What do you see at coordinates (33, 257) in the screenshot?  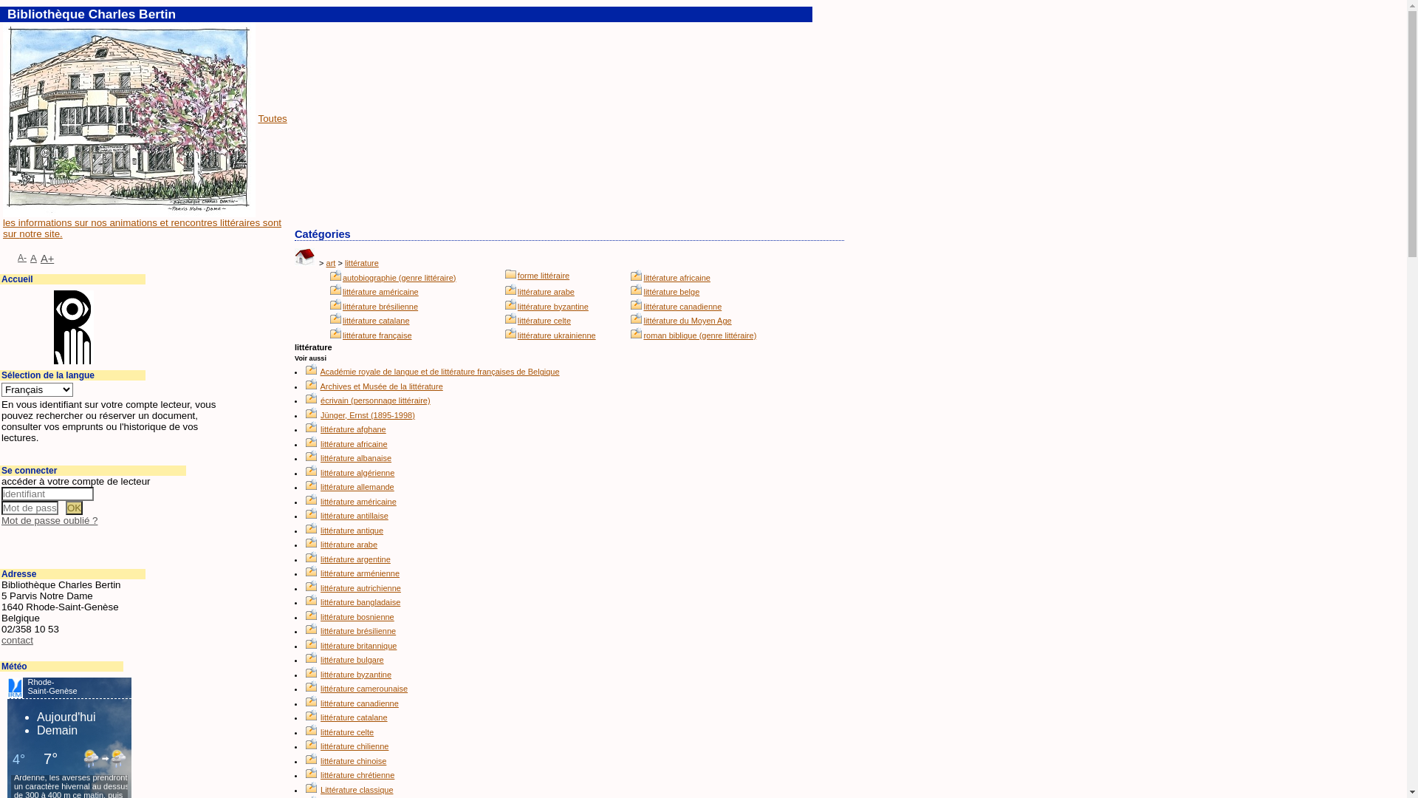 I see `'A'` at bounding box center [33, 257].